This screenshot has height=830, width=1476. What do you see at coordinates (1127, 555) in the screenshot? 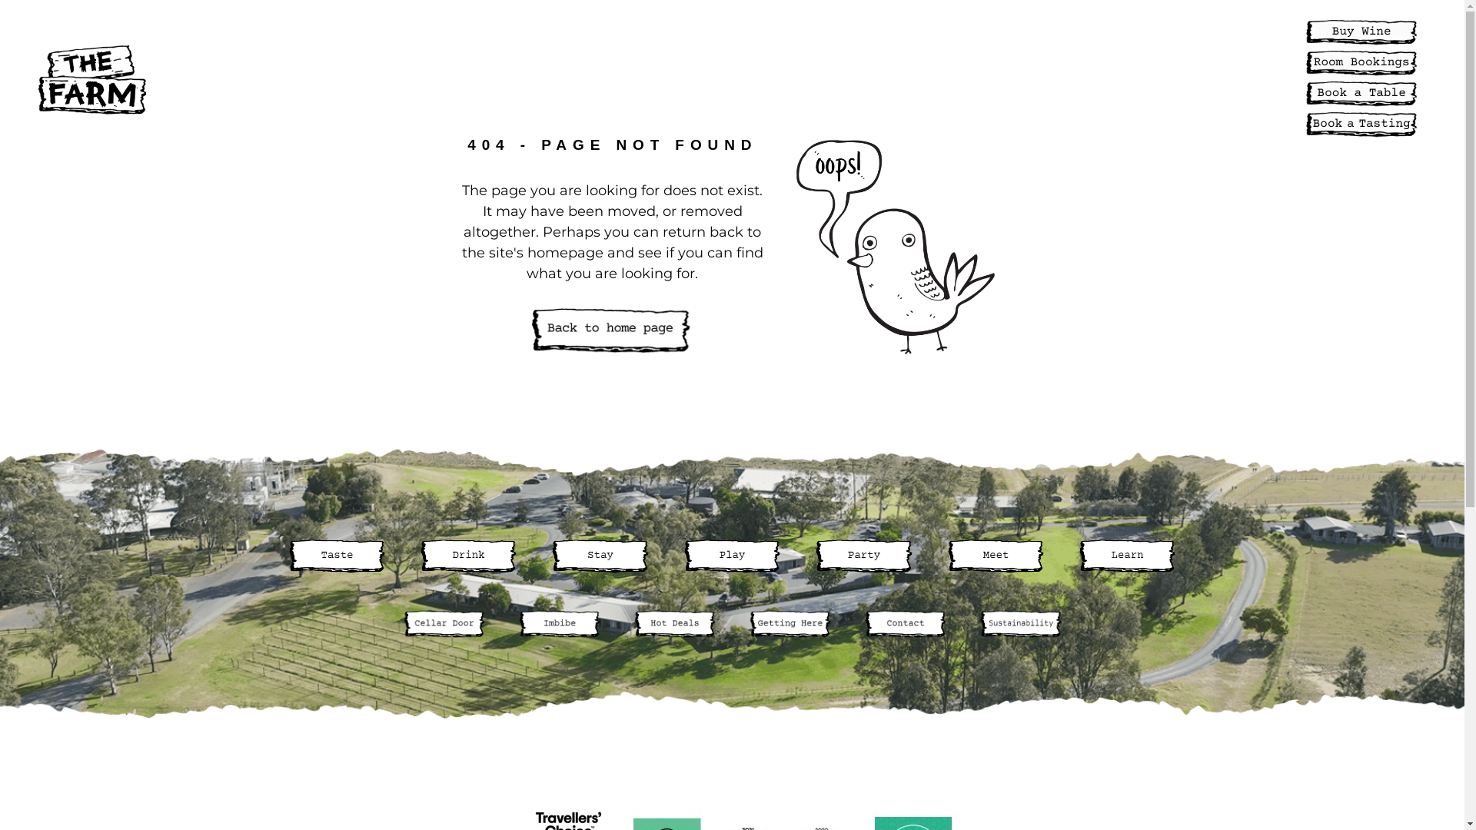
I see `'Learn-10'` at bounding box center [1127, 555].